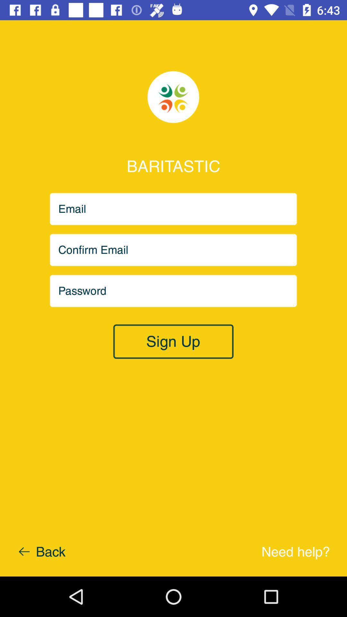 This screenshot has width=347, height=617. What do you see at coordinates (173, 250) in the screenshot?
I see `shows enter emil area` at bounding box center [173, 250].